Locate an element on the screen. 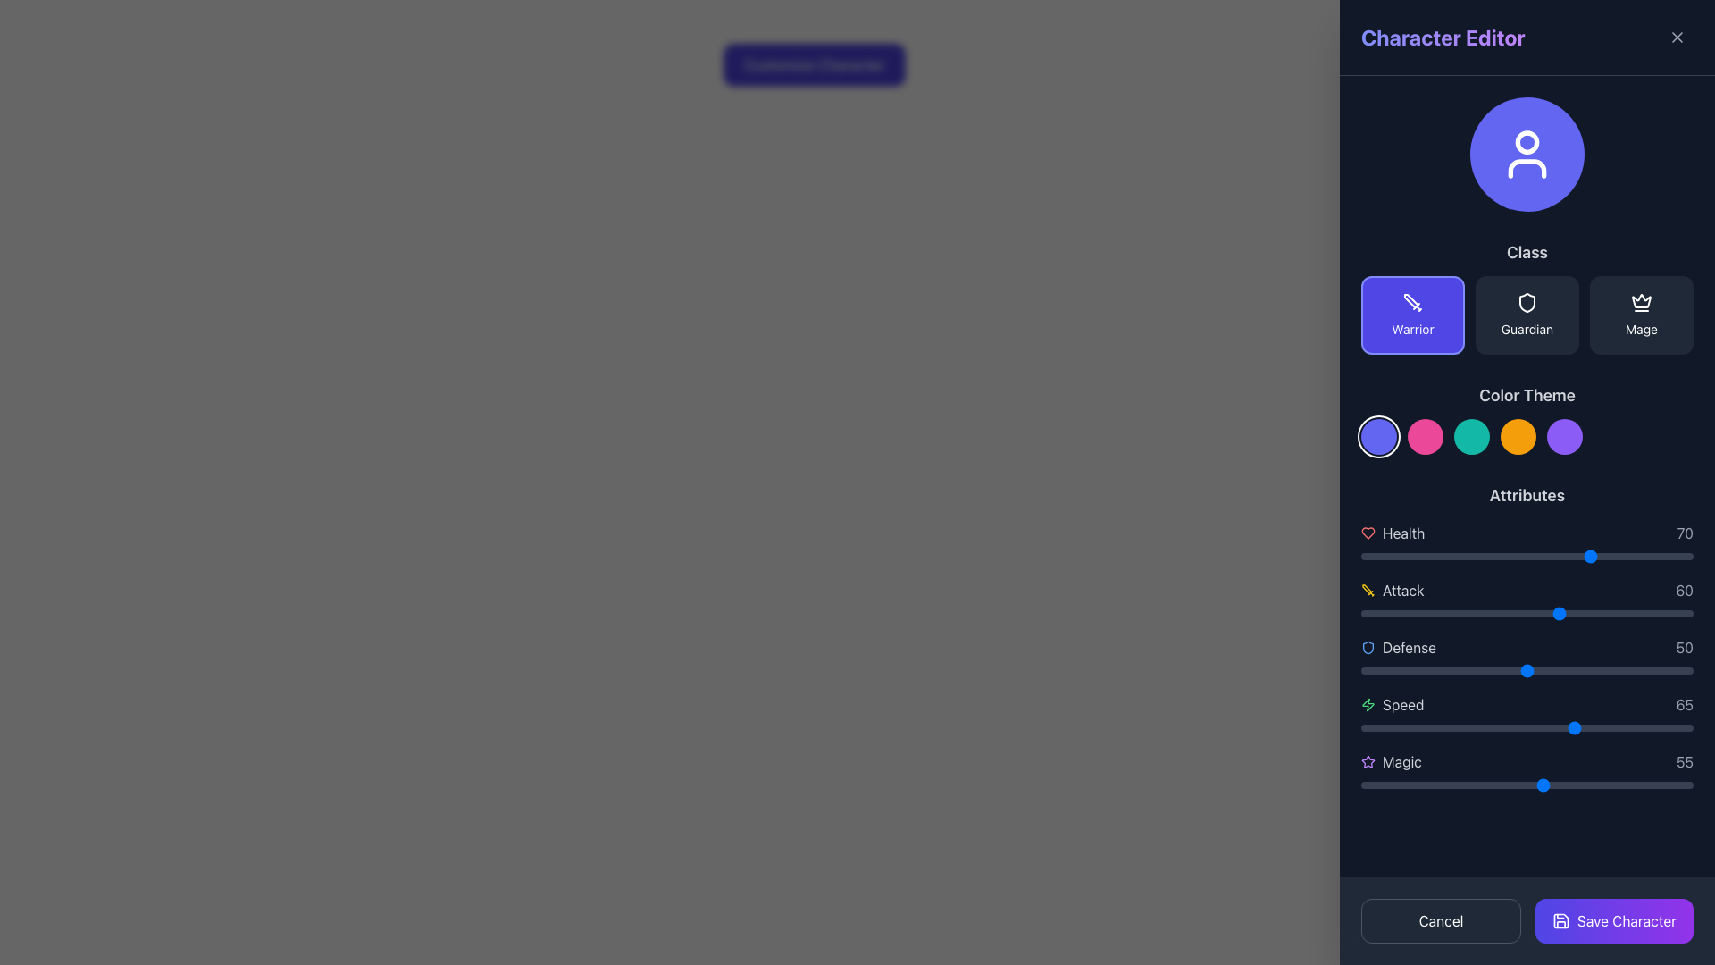 This screenshot has height=965, width=1715. the sword icon inside the 'Warrior' button in the 'Character Editor' section on the right side of the interface is located at coordinates (1412, 302).